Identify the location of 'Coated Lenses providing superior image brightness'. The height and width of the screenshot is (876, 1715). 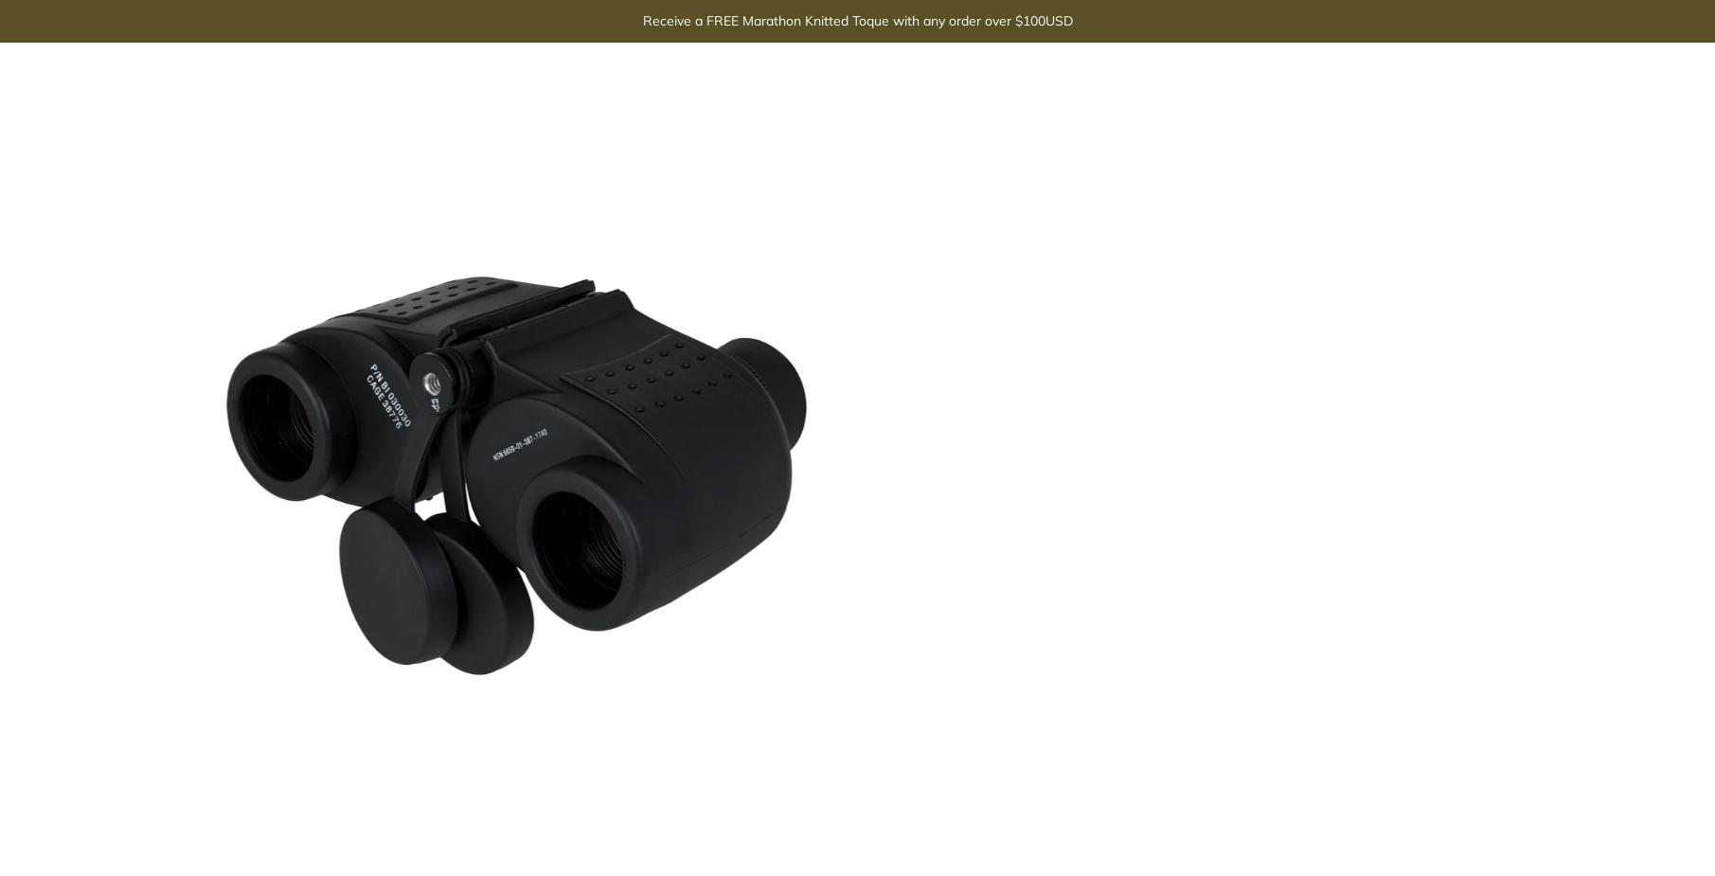
(1236, 152).